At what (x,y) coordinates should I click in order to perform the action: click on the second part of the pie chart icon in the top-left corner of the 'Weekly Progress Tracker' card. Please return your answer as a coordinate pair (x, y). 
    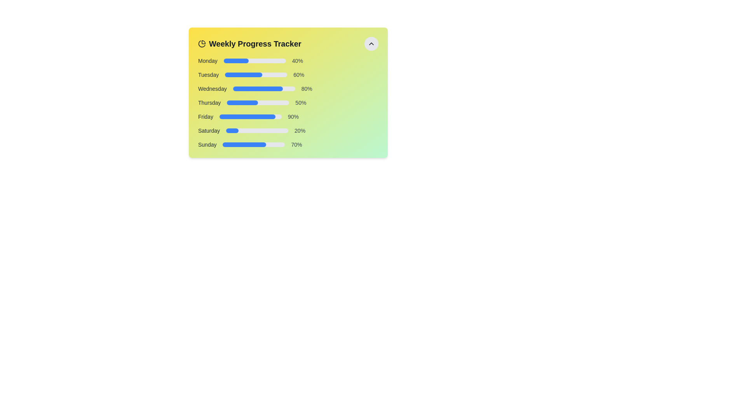
    Looking at the image, I should click on (202, 44).